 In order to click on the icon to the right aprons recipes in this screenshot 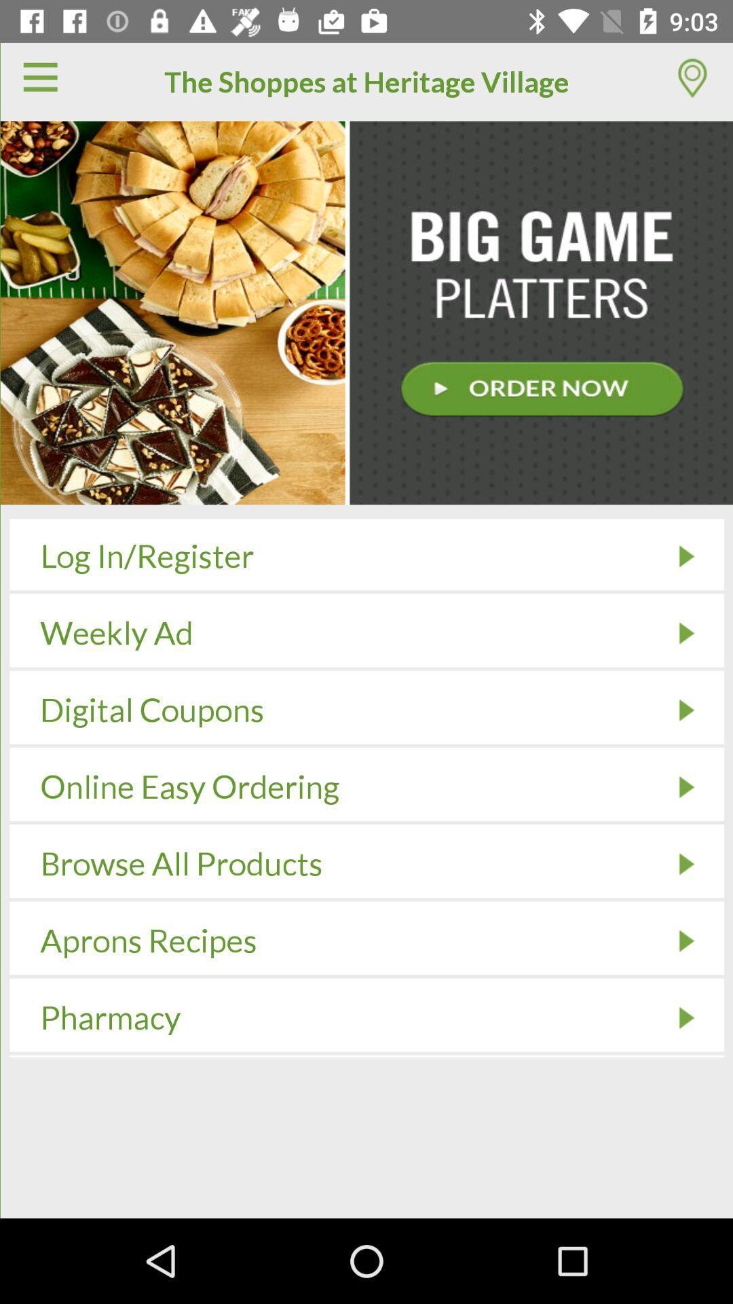, I will do `click(686, 940)`.